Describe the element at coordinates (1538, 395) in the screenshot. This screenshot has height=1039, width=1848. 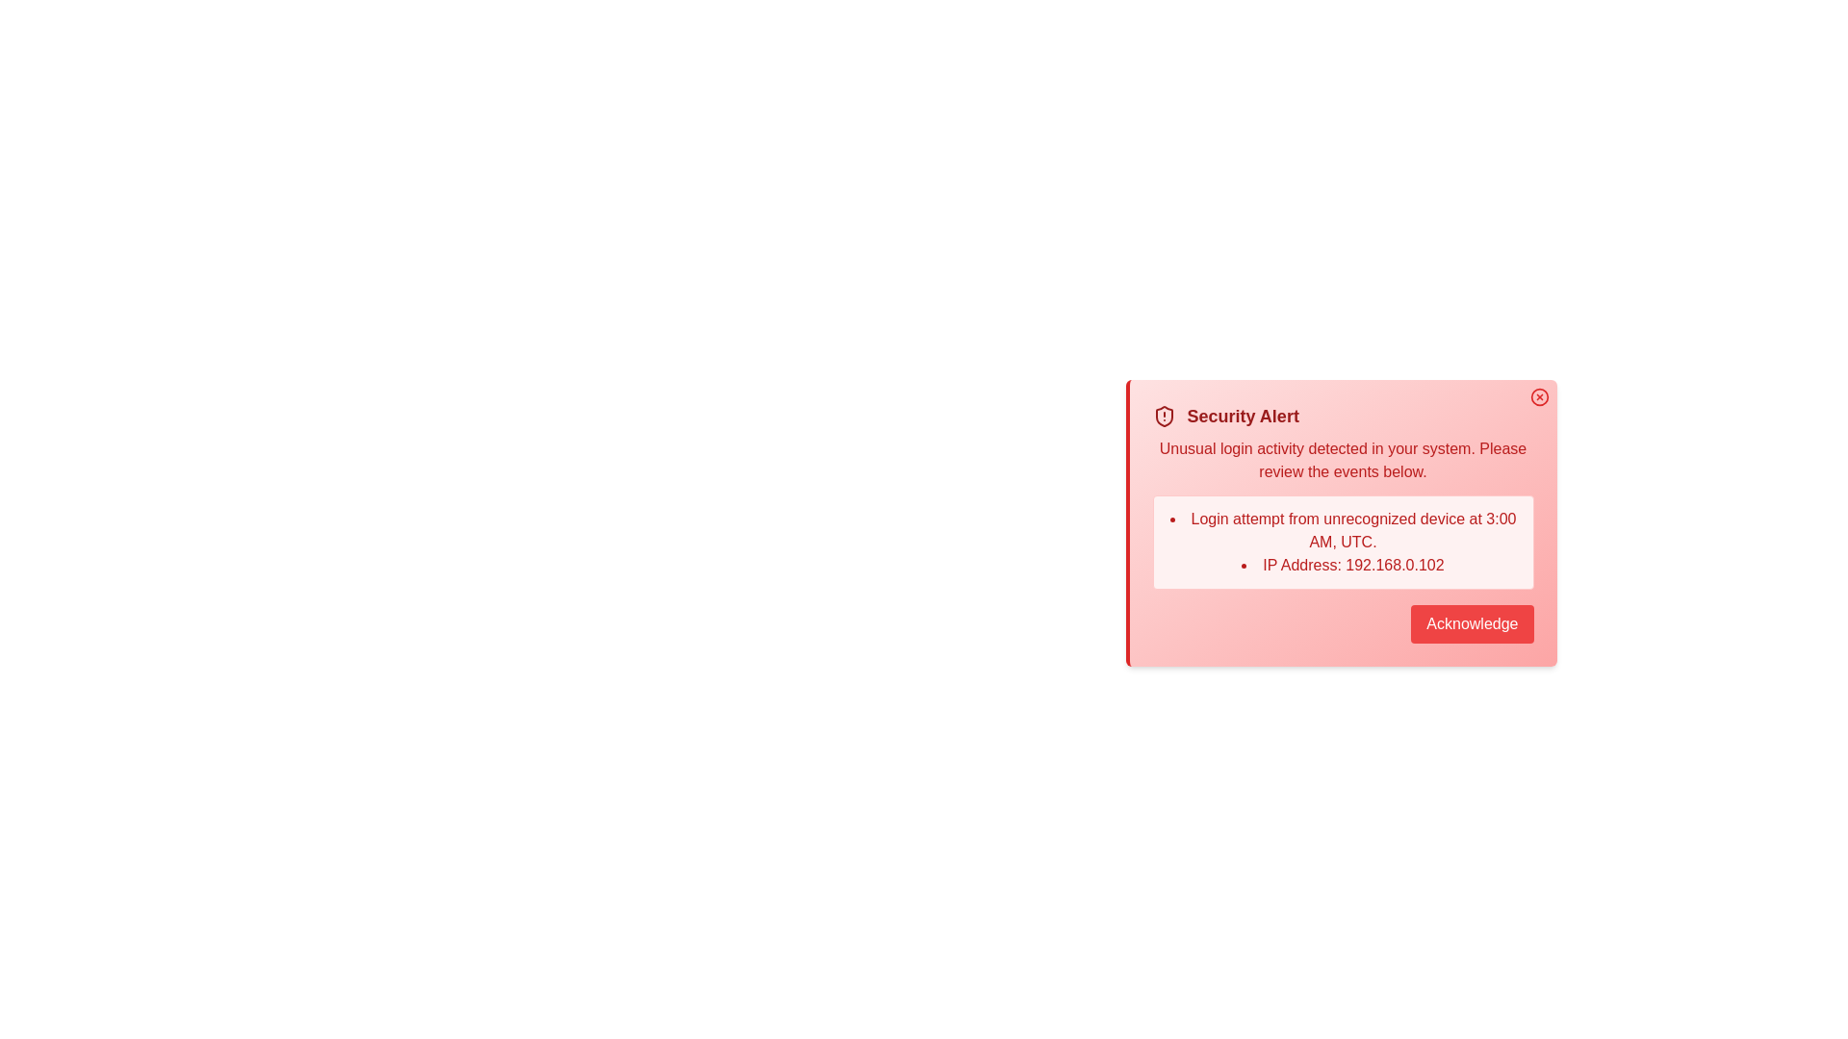
I see `the close button to dismiss the alert` at that location.